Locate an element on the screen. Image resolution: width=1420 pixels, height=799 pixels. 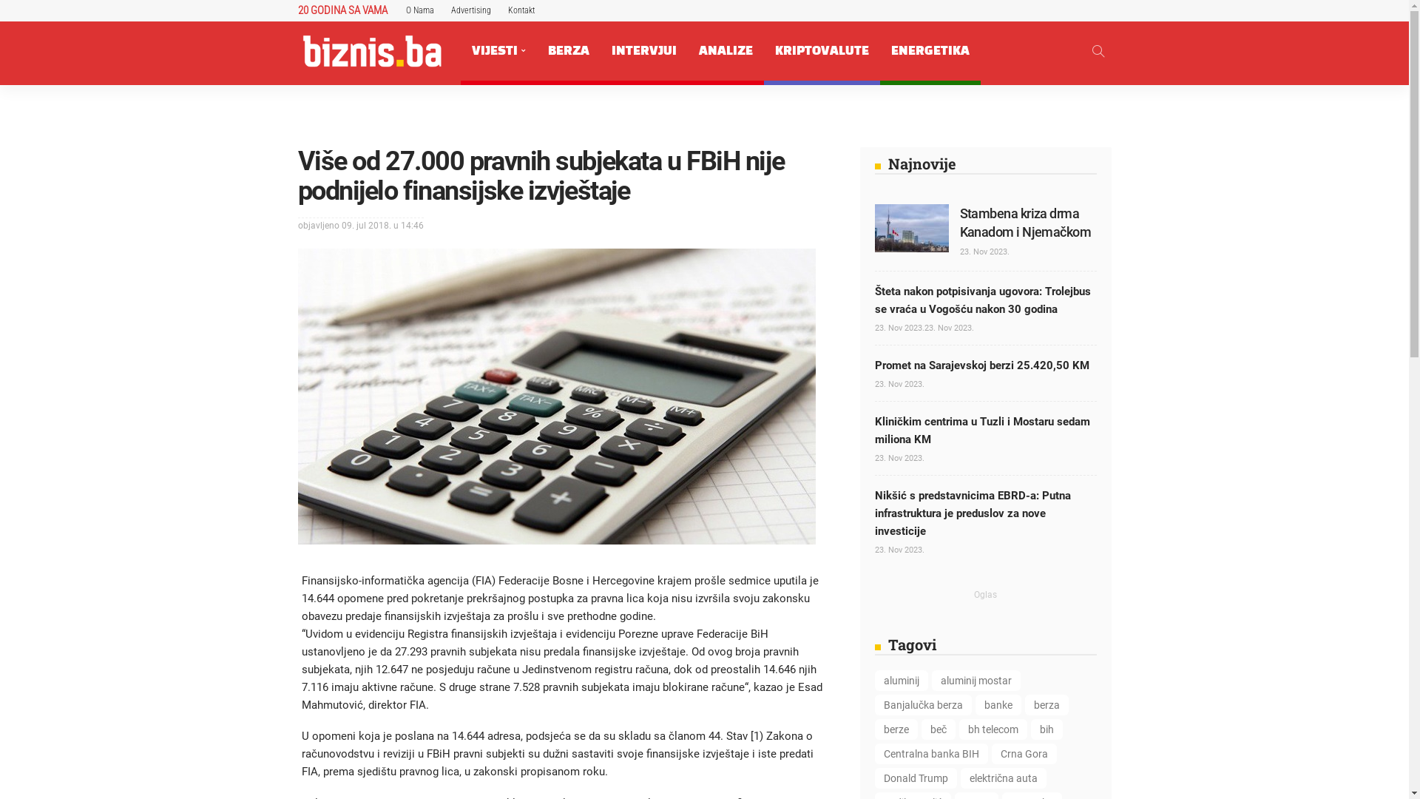
'bih' is located at coordinates (1046, 729).